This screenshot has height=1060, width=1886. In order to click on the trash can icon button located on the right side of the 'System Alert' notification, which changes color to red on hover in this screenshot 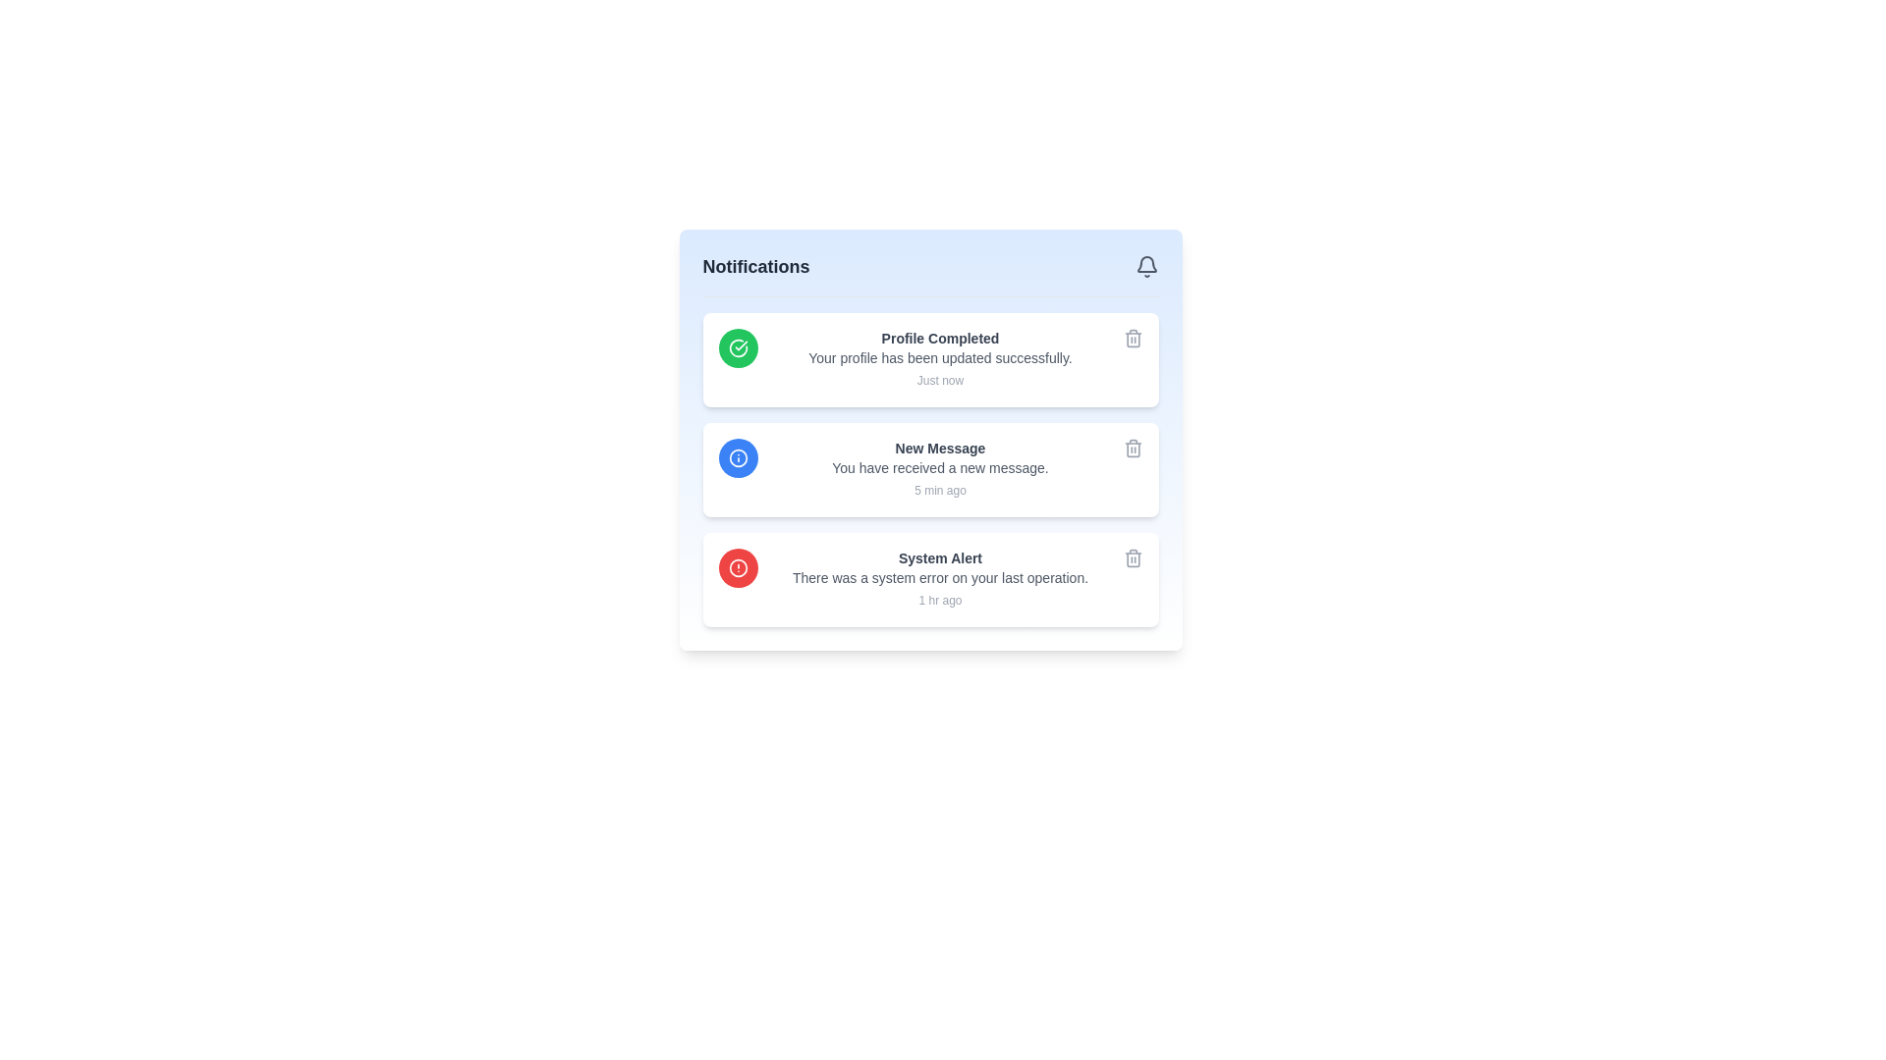, I will do `click(1133, 558)`.